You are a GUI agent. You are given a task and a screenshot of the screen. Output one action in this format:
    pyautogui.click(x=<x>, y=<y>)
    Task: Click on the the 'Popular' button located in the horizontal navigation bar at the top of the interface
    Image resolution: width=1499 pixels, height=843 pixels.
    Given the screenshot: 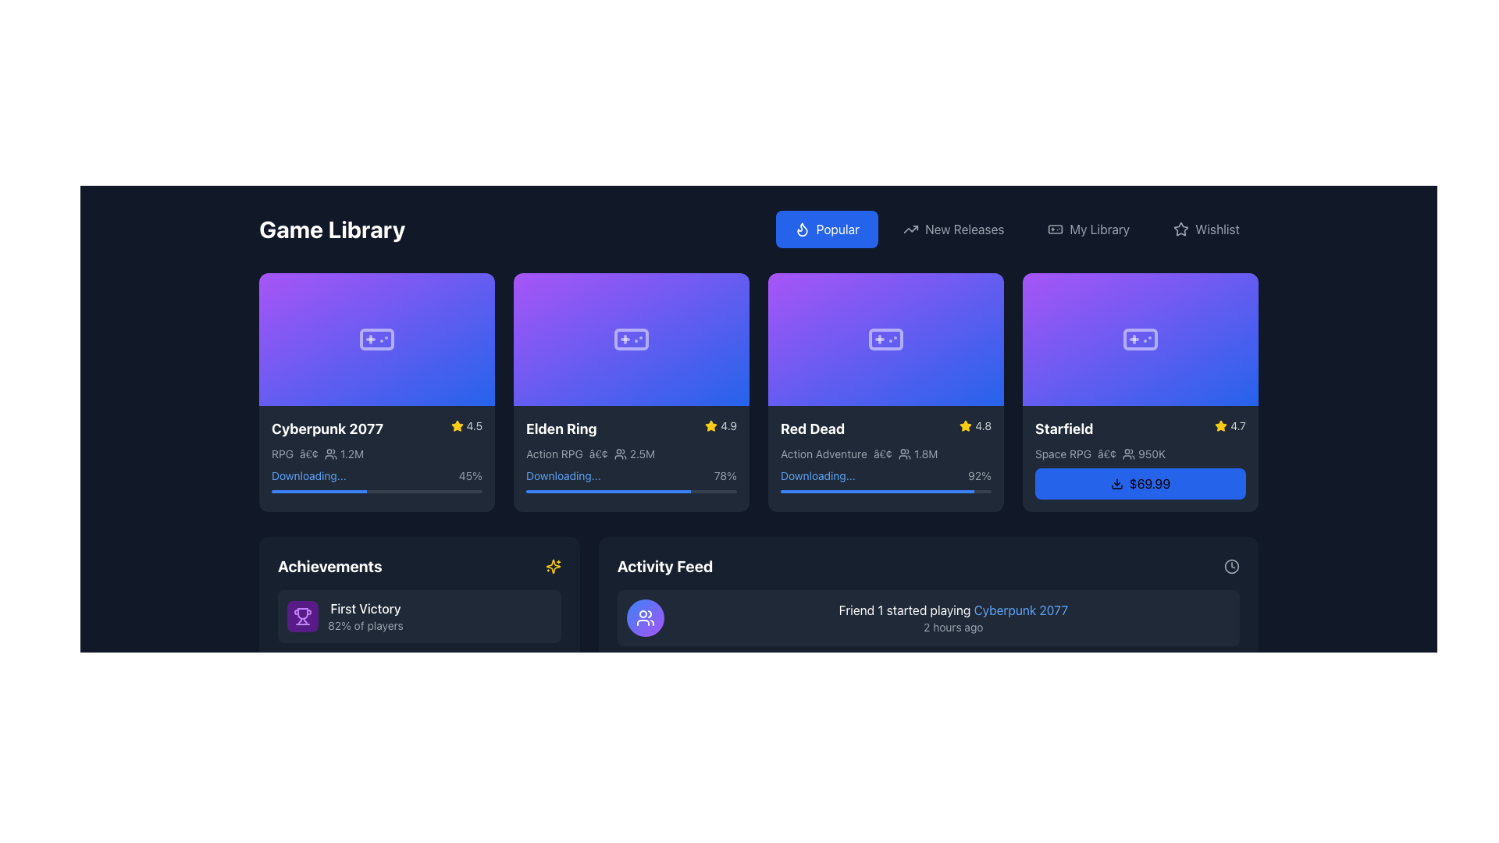 What is the action you would take?
    pyautogui.click(x=826, y=229)
    